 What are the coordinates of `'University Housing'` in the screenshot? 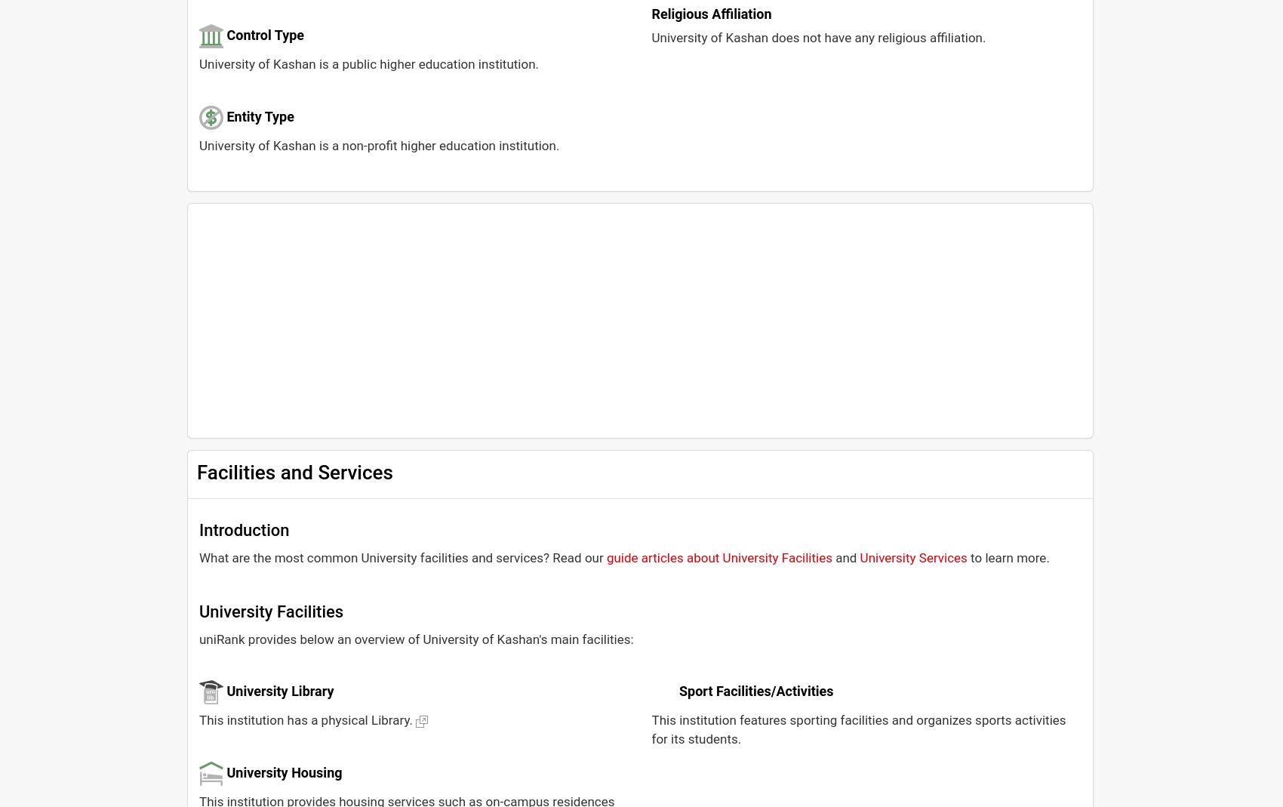 It's located at (283, 772).